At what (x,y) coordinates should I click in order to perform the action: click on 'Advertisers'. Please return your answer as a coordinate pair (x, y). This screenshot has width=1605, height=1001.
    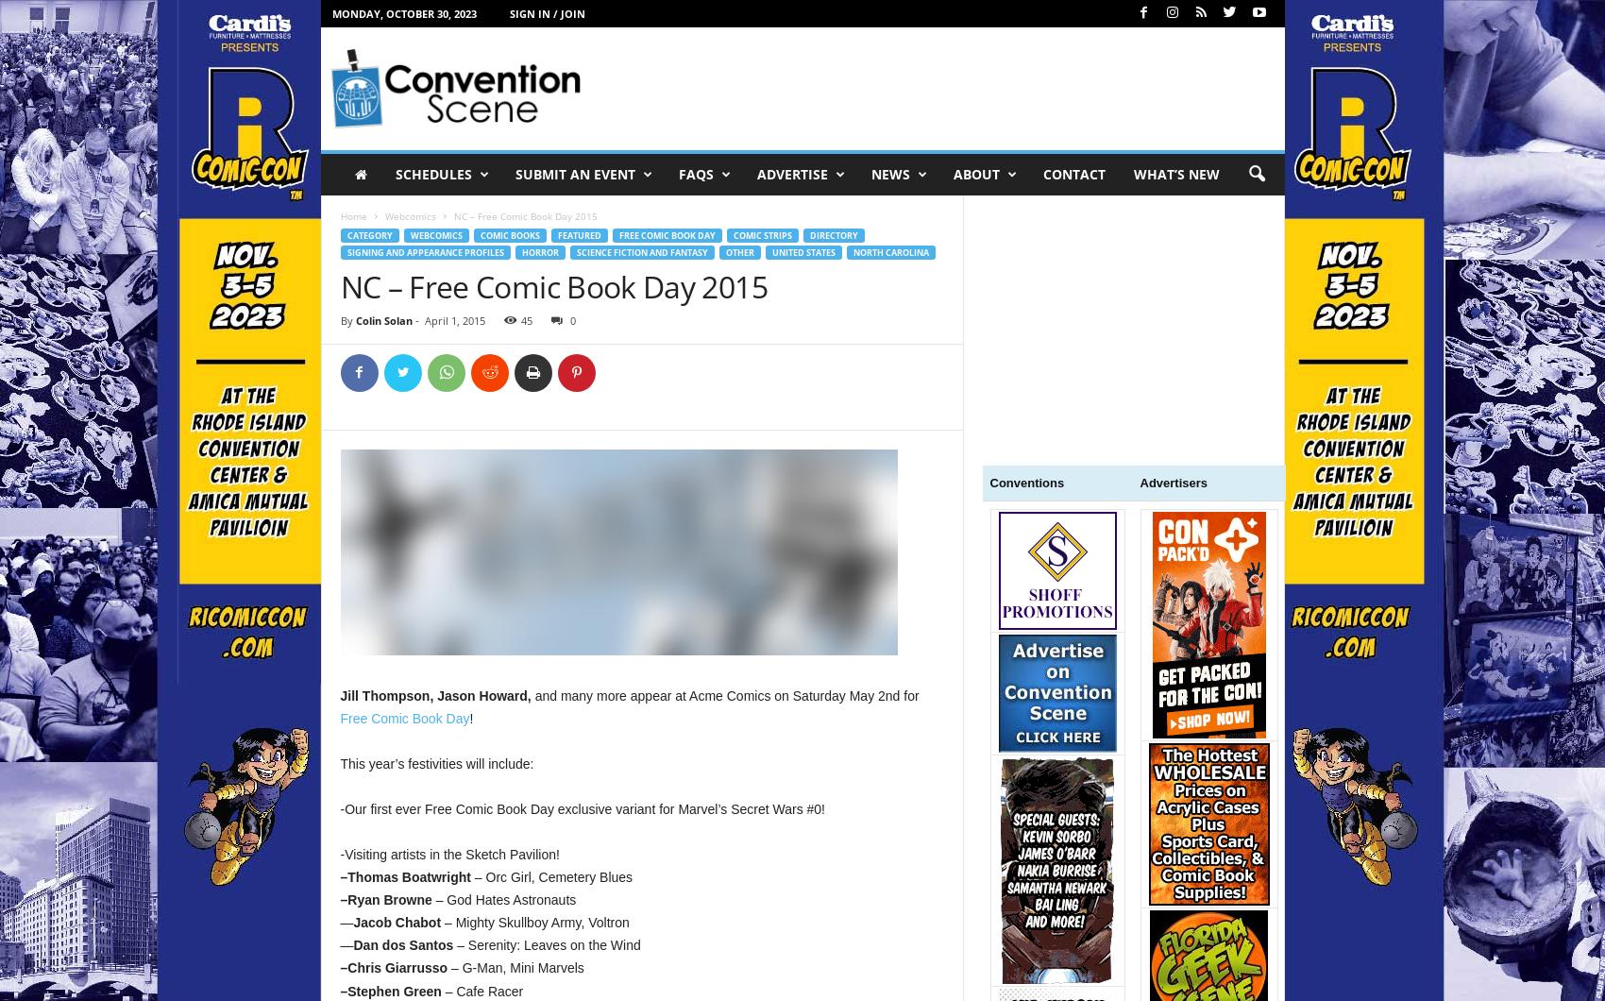
    Looking at the image, I should click on (1139, 482).